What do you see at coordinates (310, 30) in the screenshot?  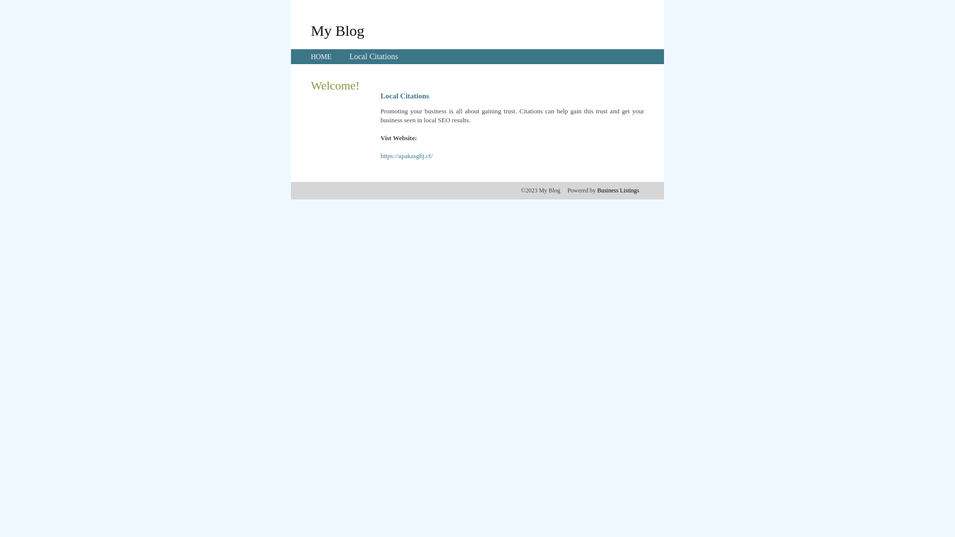 I see `'My Blog'` at bounding box center [310, 30].